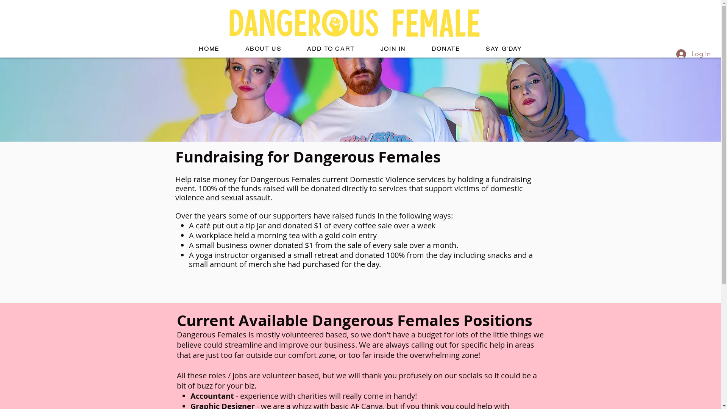 Image resolution: width=727 pixels, height=409 pixels. Describe the element at coordinates (209, 49) in the screenshot. I see `'HOME'` at that location.